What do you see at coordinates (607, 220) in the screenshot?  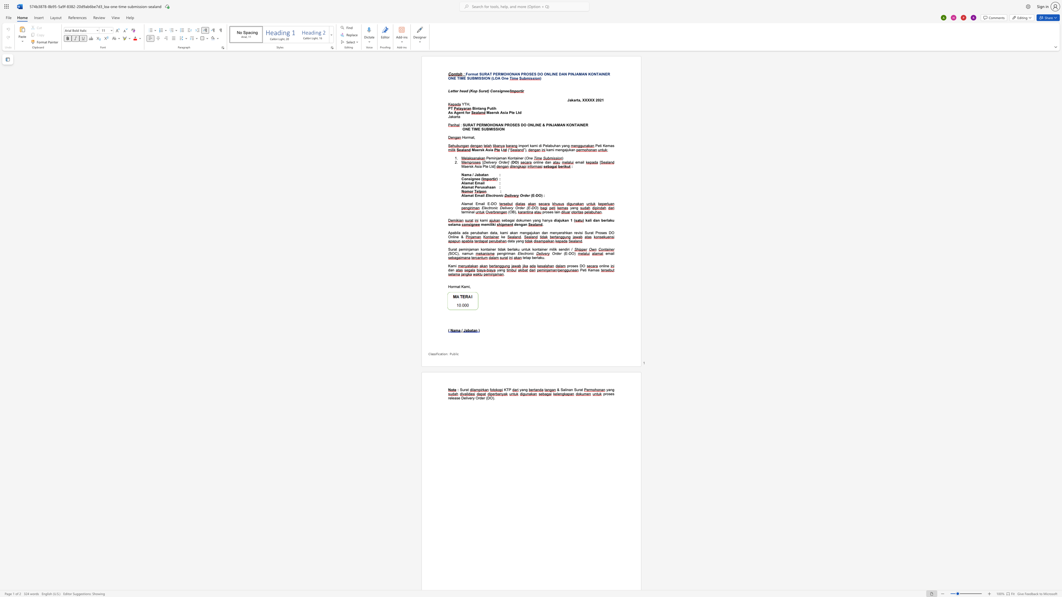 I see `the subset text "aku s" within the text "dan berlaku selama"` at bounding box center [607, 220].